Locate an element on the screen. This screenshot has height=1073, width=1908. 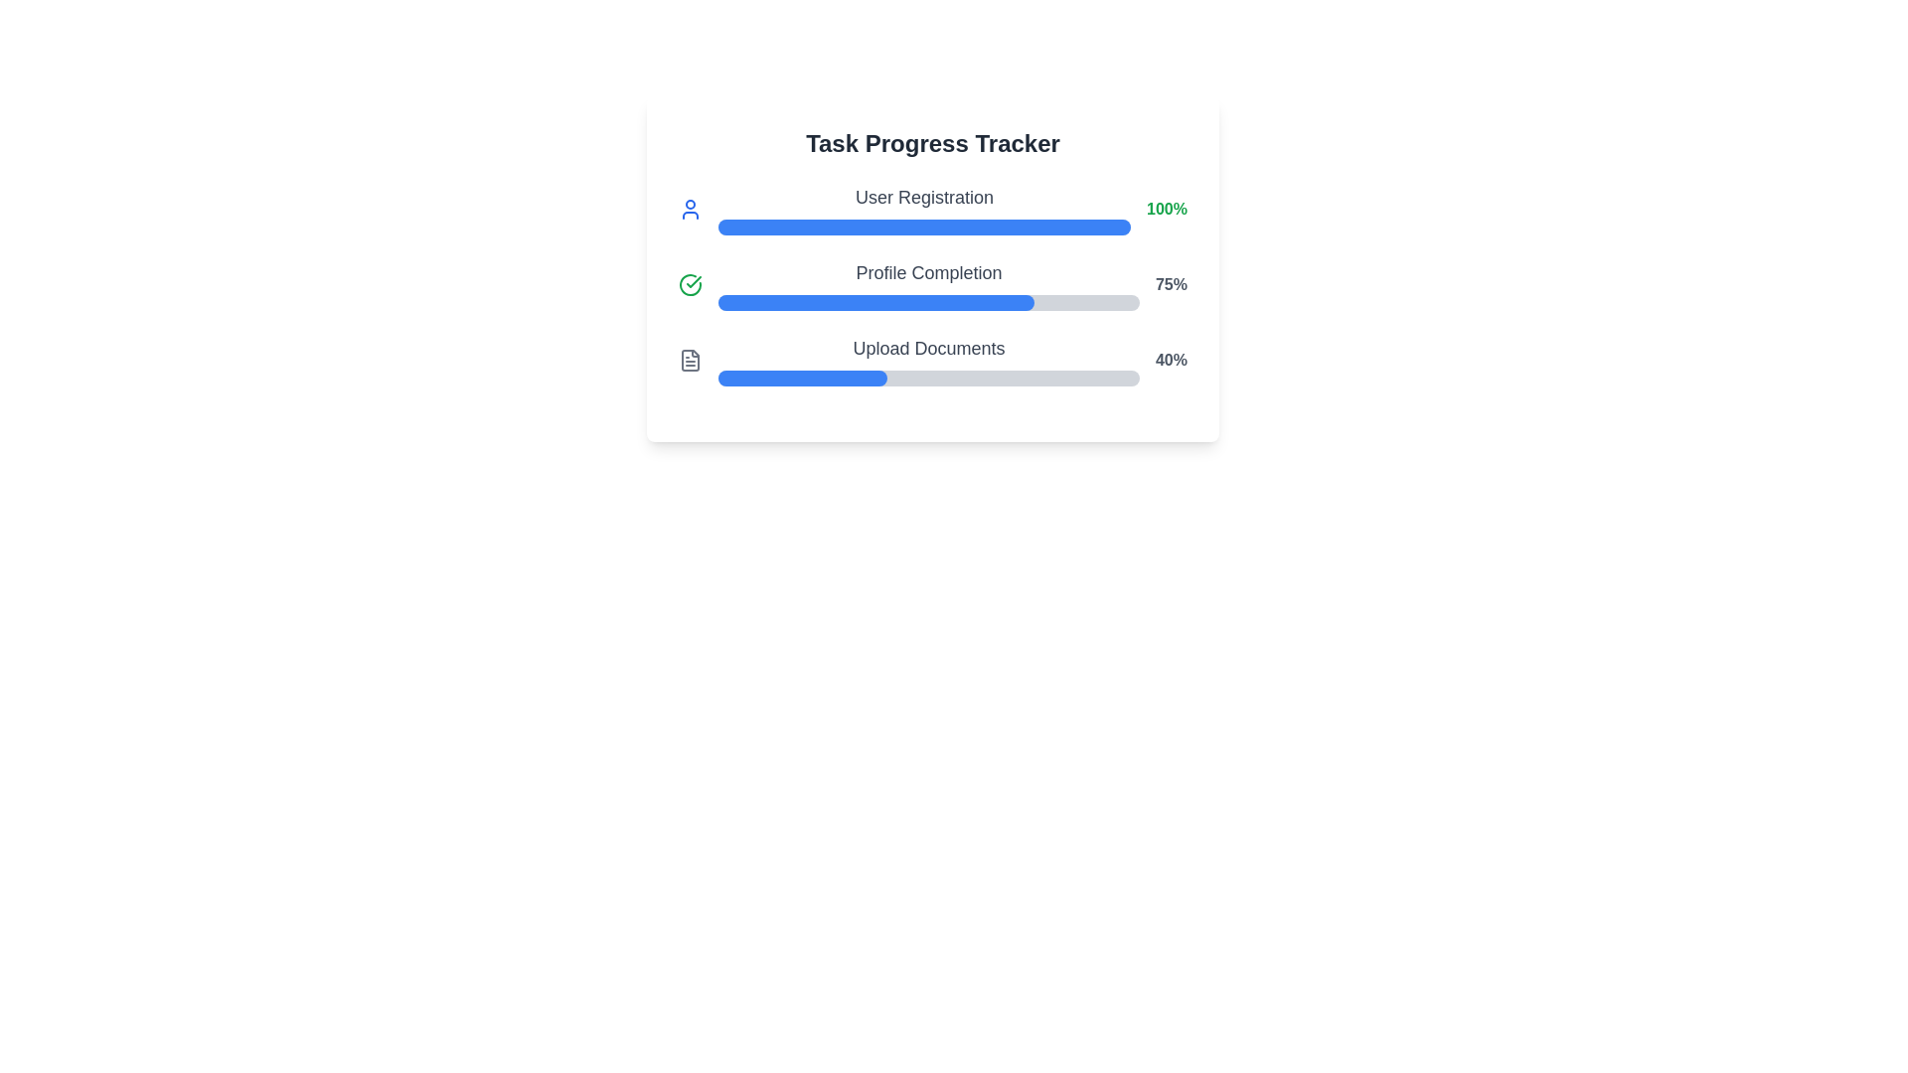
the Text Label that describes the context of the progress bar for the 'User Registration' process, which is aligned with the blue progress bar and the '100%' percentage indicator is located at coordinates (923, 198).